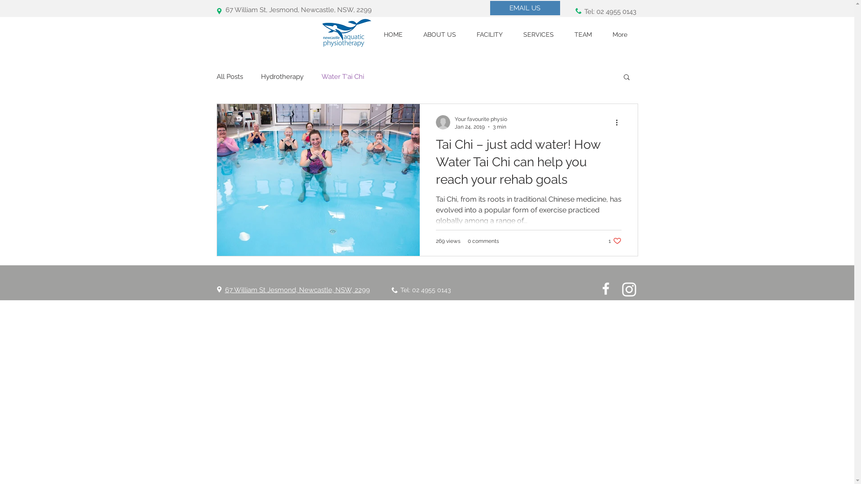  Describe the element at coordinates (583, 34) in the screenshot. I see `'TEAM'` at that location.